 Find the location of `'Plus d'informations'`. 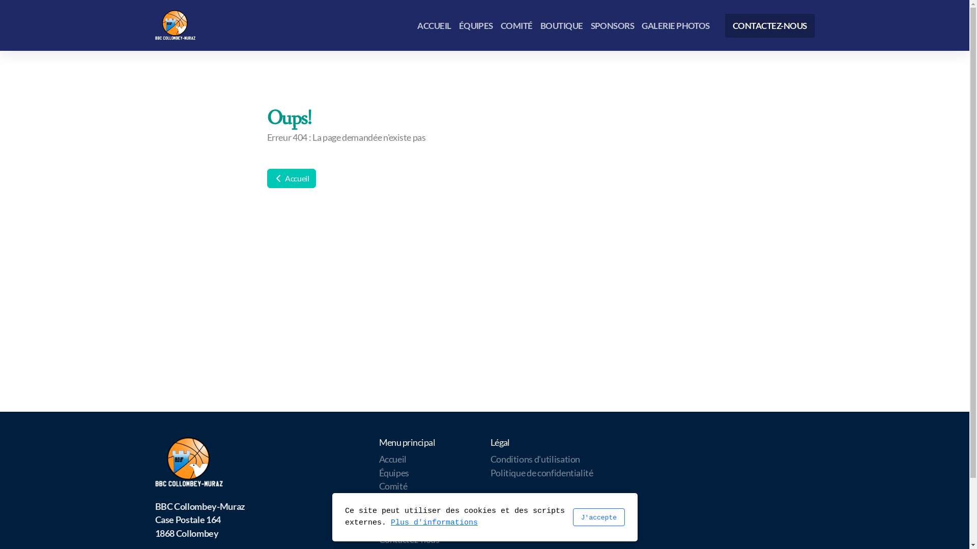

'Plus d'informations' is located at coordinates (390, 523).